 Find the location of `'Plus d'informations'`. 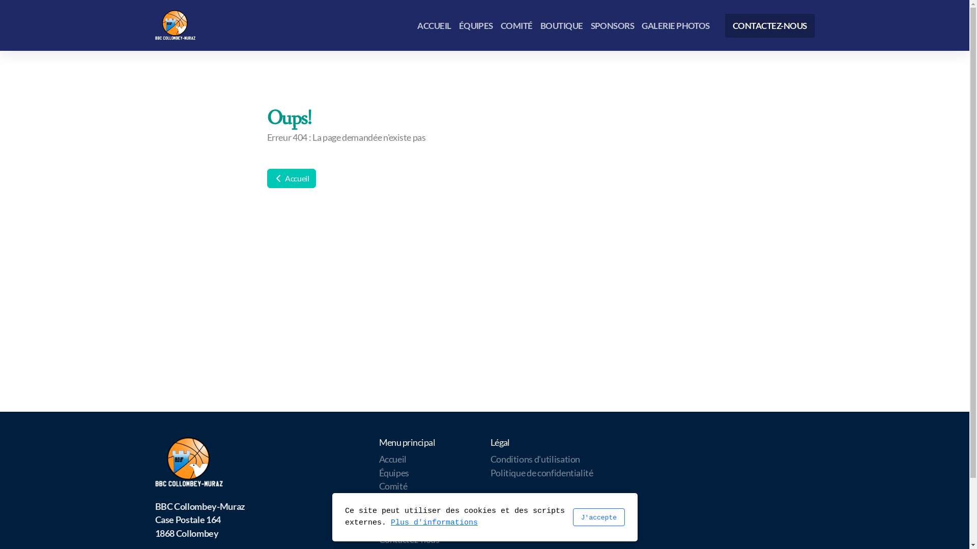

'Plus d'informations' is located at coordinates (390, 523).